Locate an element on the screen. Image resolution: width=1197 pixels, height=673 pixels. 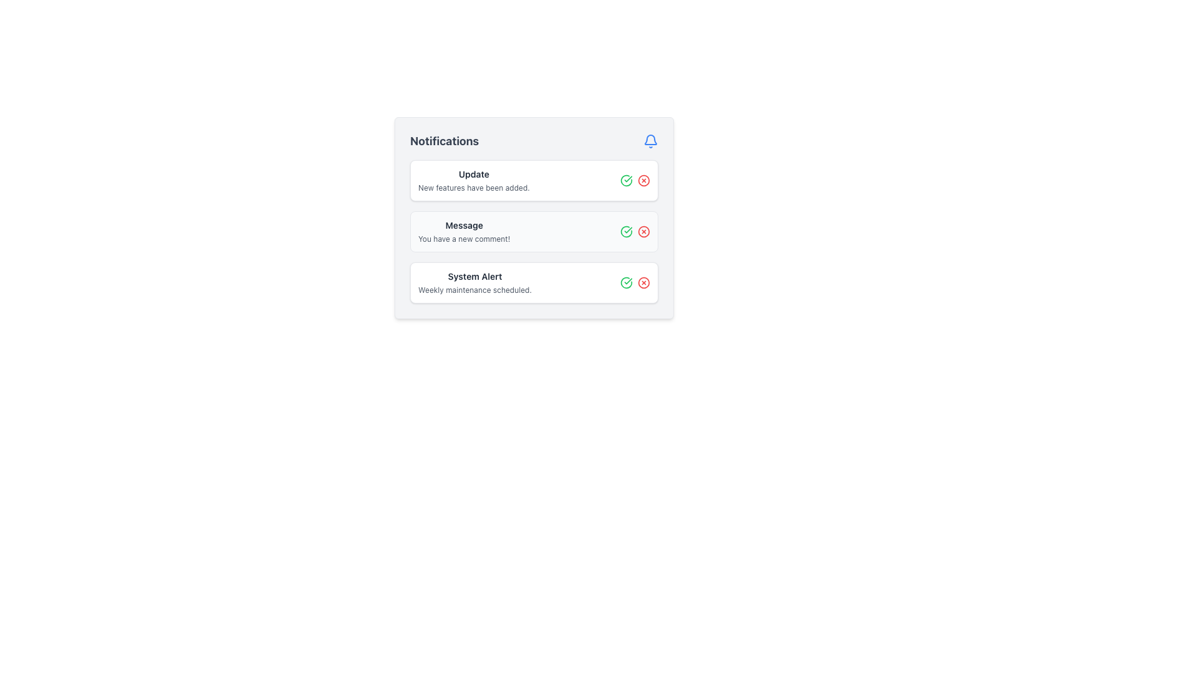
the lower semi-circular portion of the notification bell icon located in the top-right corner of the notification panel is located at coordinates (650, 140).